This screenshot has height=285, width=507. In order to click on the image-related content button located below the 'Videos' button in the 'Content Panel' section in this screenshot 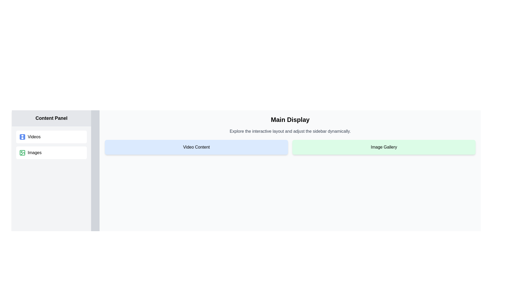, I will do `click(51, 153)`.